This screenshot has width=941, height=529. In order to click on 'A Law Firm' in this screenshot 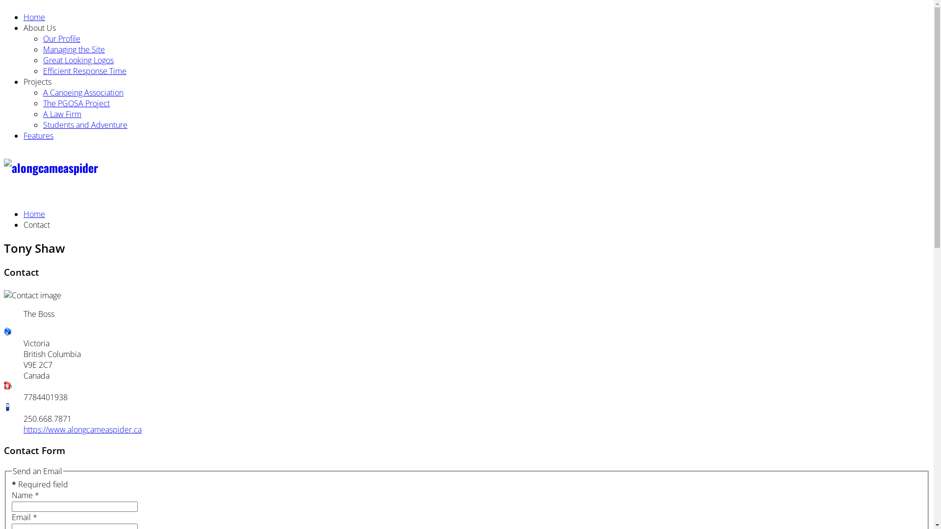, I will do `click(61, 113)`.